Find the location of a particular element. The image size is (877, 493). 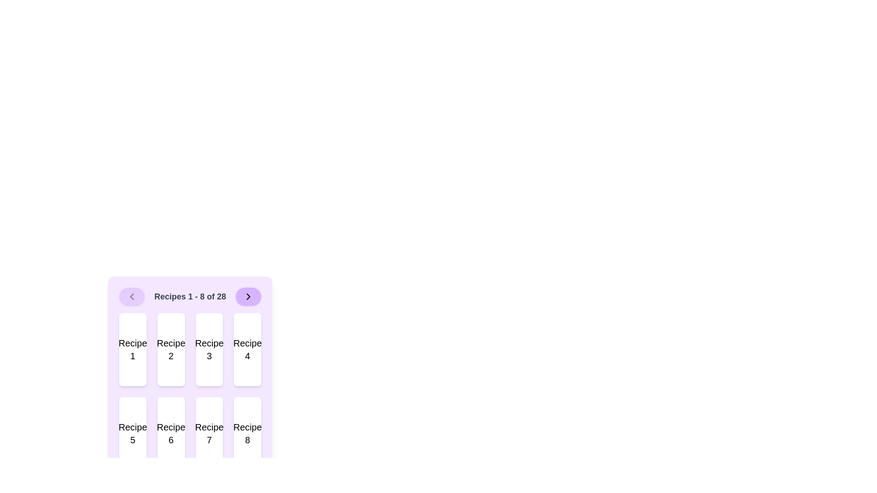

the fourth card in the grid layout is located at coordinates (248, 349).